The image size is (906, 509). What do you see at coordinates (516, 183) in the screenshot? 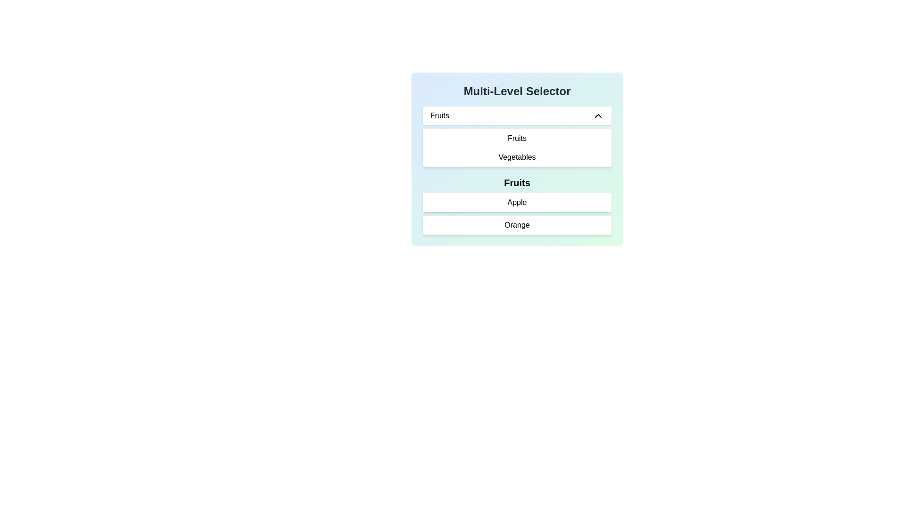
I see `the label that visually groups the options 'Apple' and 'Orange' in the drop-down menu, which is positioned second in the list below the main drop-down labeled 'Fruits'` at bounding box center [516, 183].